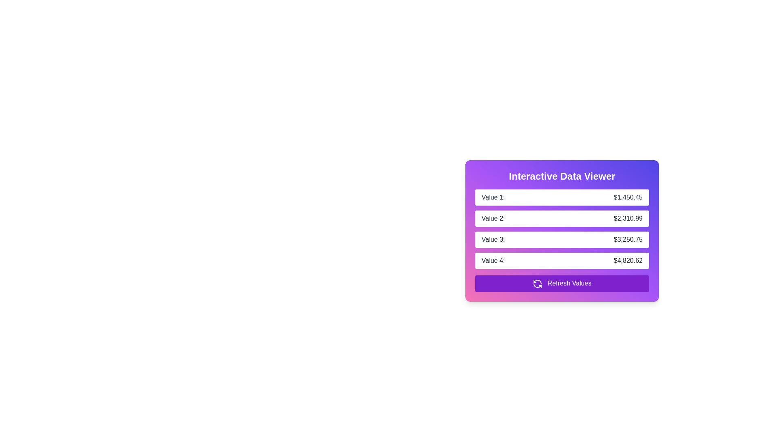  I want to click on the fourth Data Row in the 'Interactive Data Viewer' that displays a monetary amount, located below 'Value 3: $3,250.75', so click(562, 261).